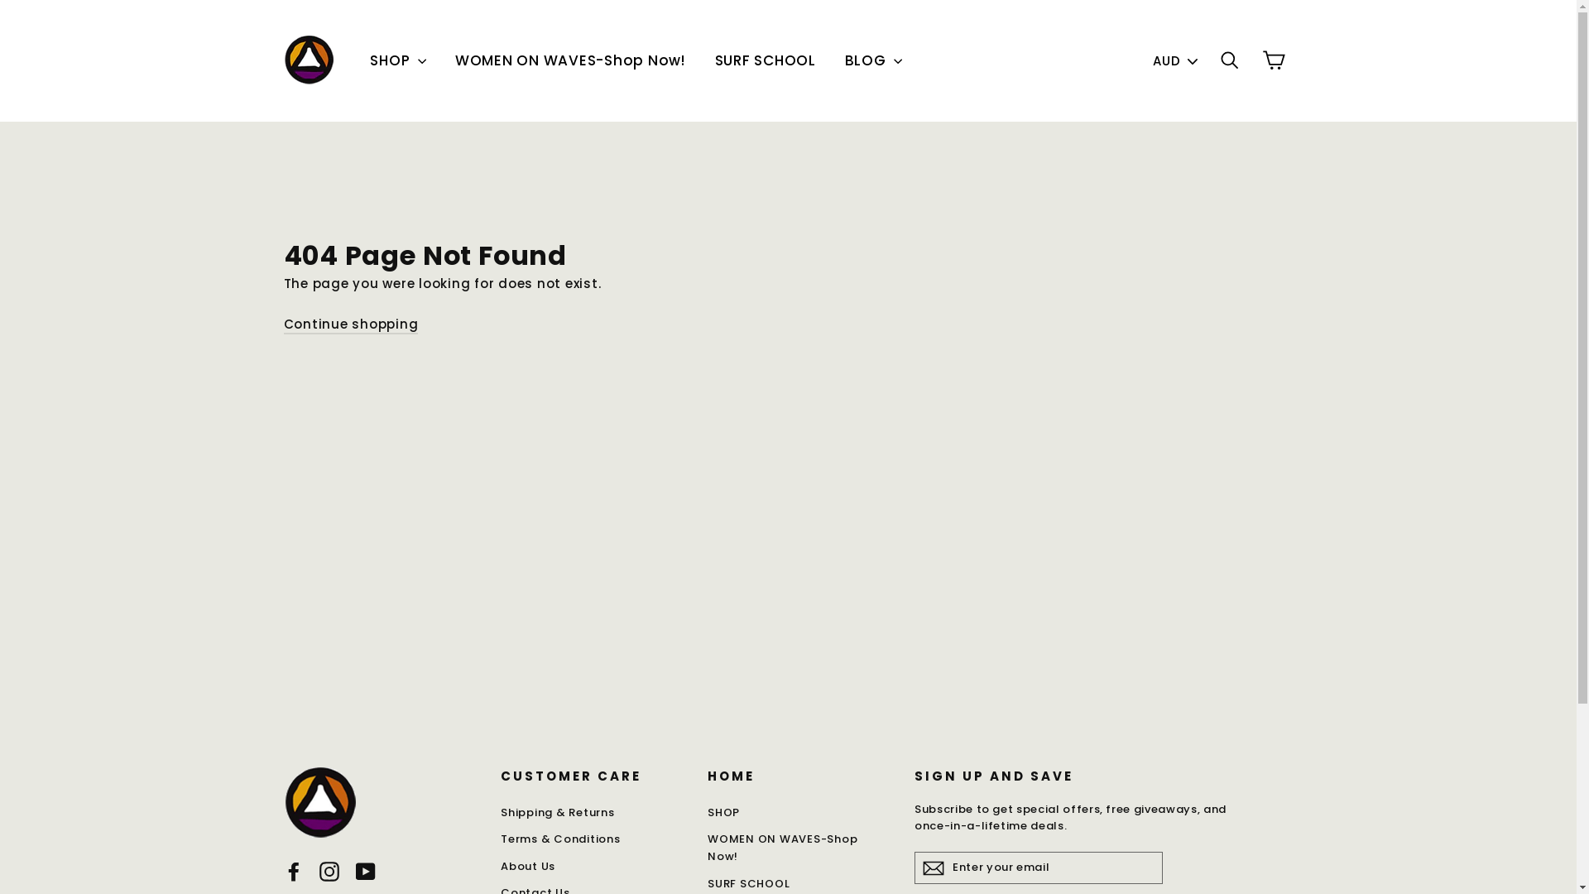 The image size is (1589, 894). What do you see at coordinates (0, 0) in the screenshot?
I see `'Skip to content'` at bounding box center [0, 0].